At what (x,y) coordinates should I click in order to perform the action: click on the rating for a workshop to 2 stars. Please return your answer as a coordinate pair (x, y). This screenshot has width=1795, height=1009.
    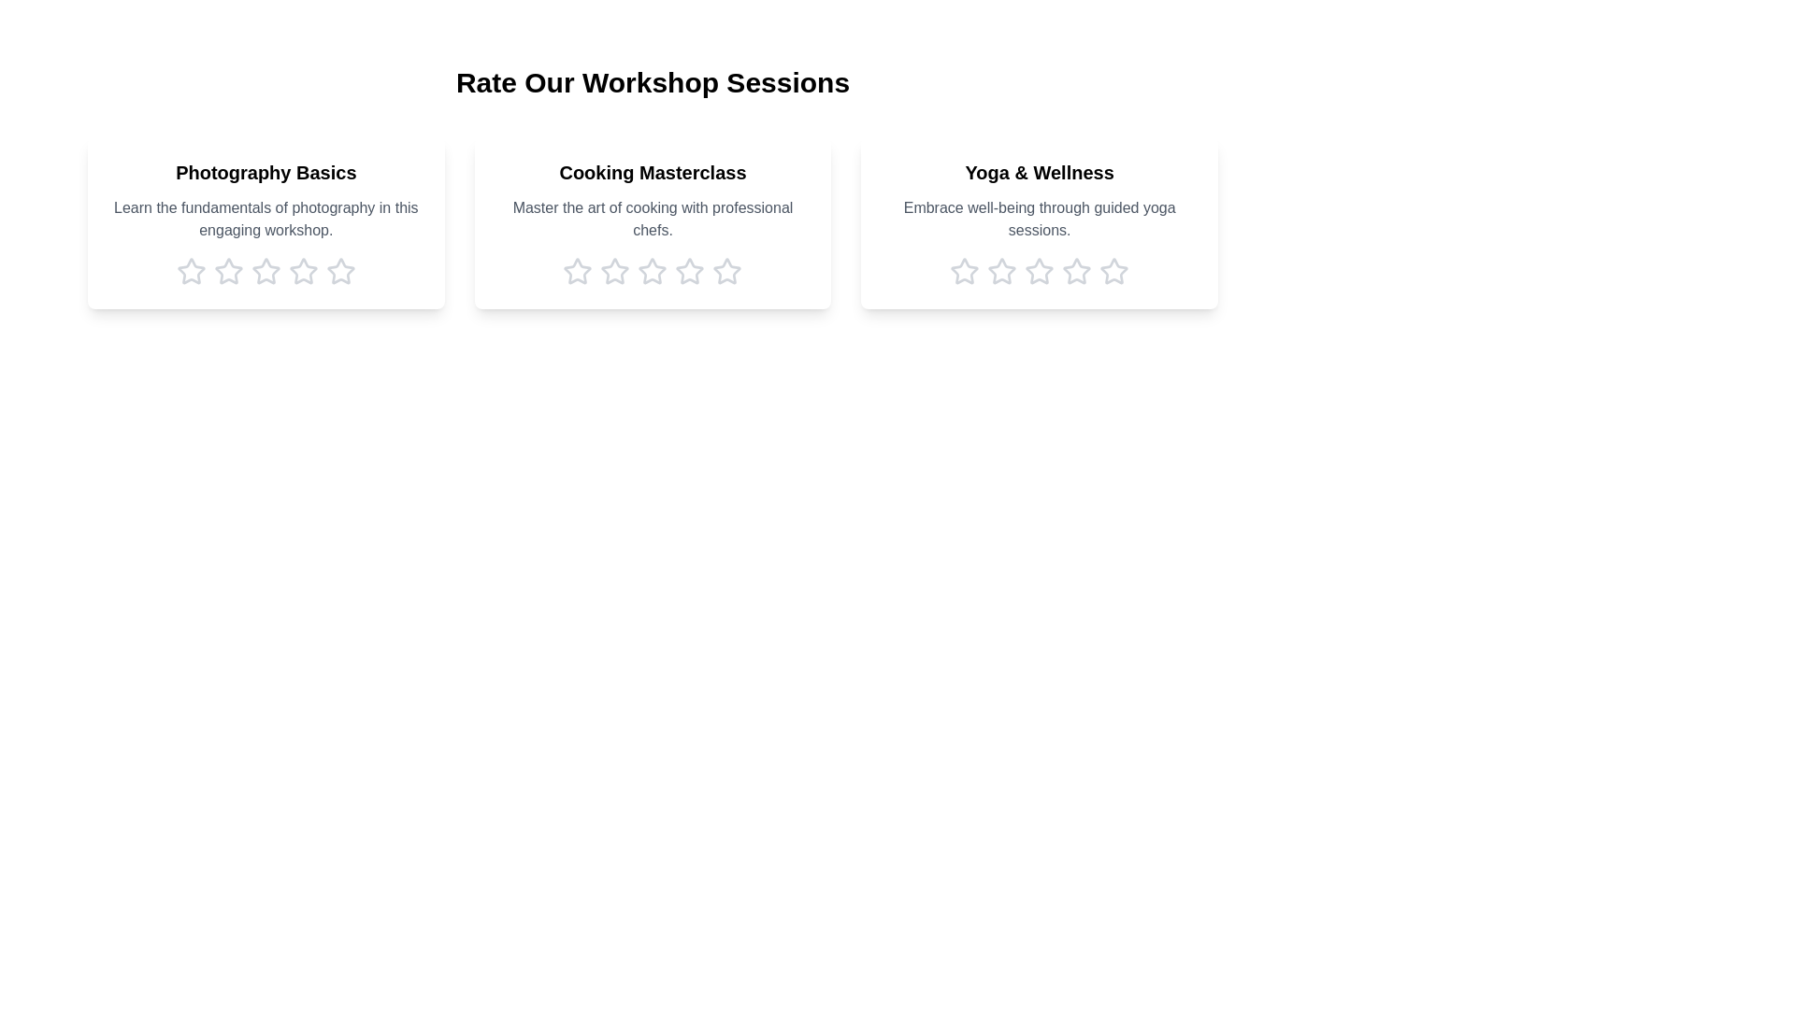
    Looking at the image, I should click on (227, 271).